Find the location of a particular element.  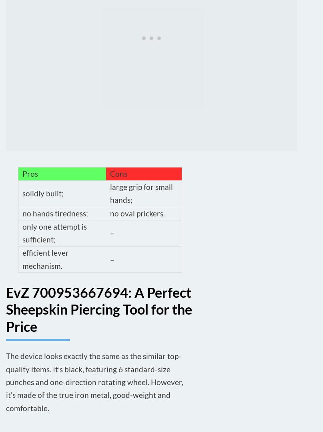

'efficient lever mechanism.' is located at coordinates (22, 258).